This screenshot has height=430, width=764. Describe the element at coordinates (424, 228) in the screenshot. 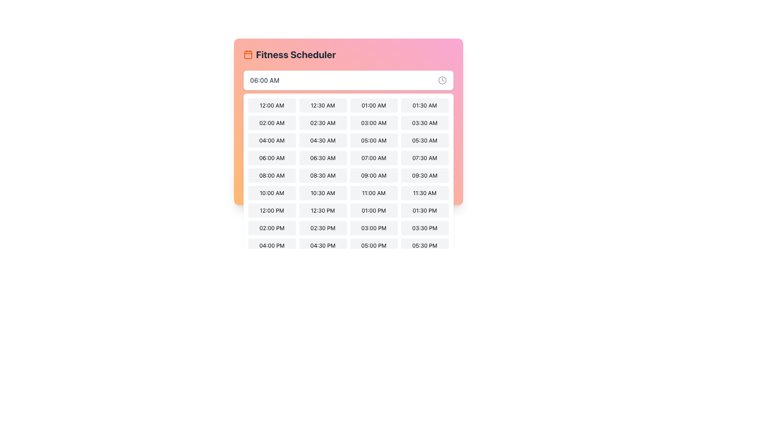

I see `the selectable time slot button displaying '03:30 PM' located in the 4th column of the 8th row of the grid in the Fitness Scheduler interface` at that location.